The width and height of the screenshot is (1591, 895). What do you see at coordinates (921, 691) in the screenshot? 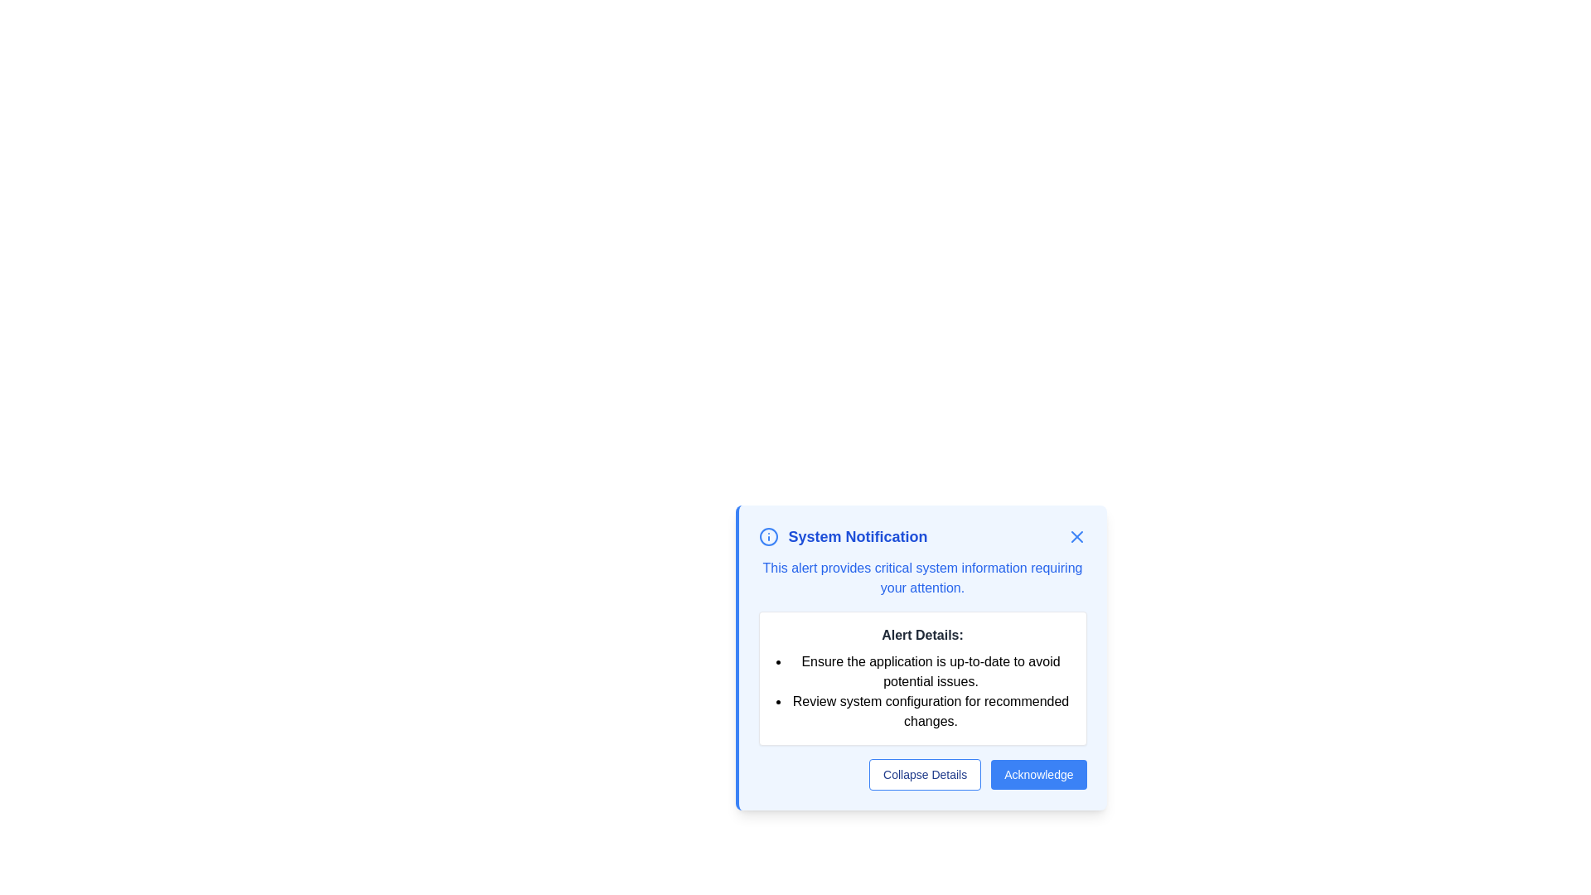
I see `the bulleted list in the 'Alert Details' section of the notification dialog box, which provides instructions regarding application updates and system configuration` at bounding box center [921, 691].